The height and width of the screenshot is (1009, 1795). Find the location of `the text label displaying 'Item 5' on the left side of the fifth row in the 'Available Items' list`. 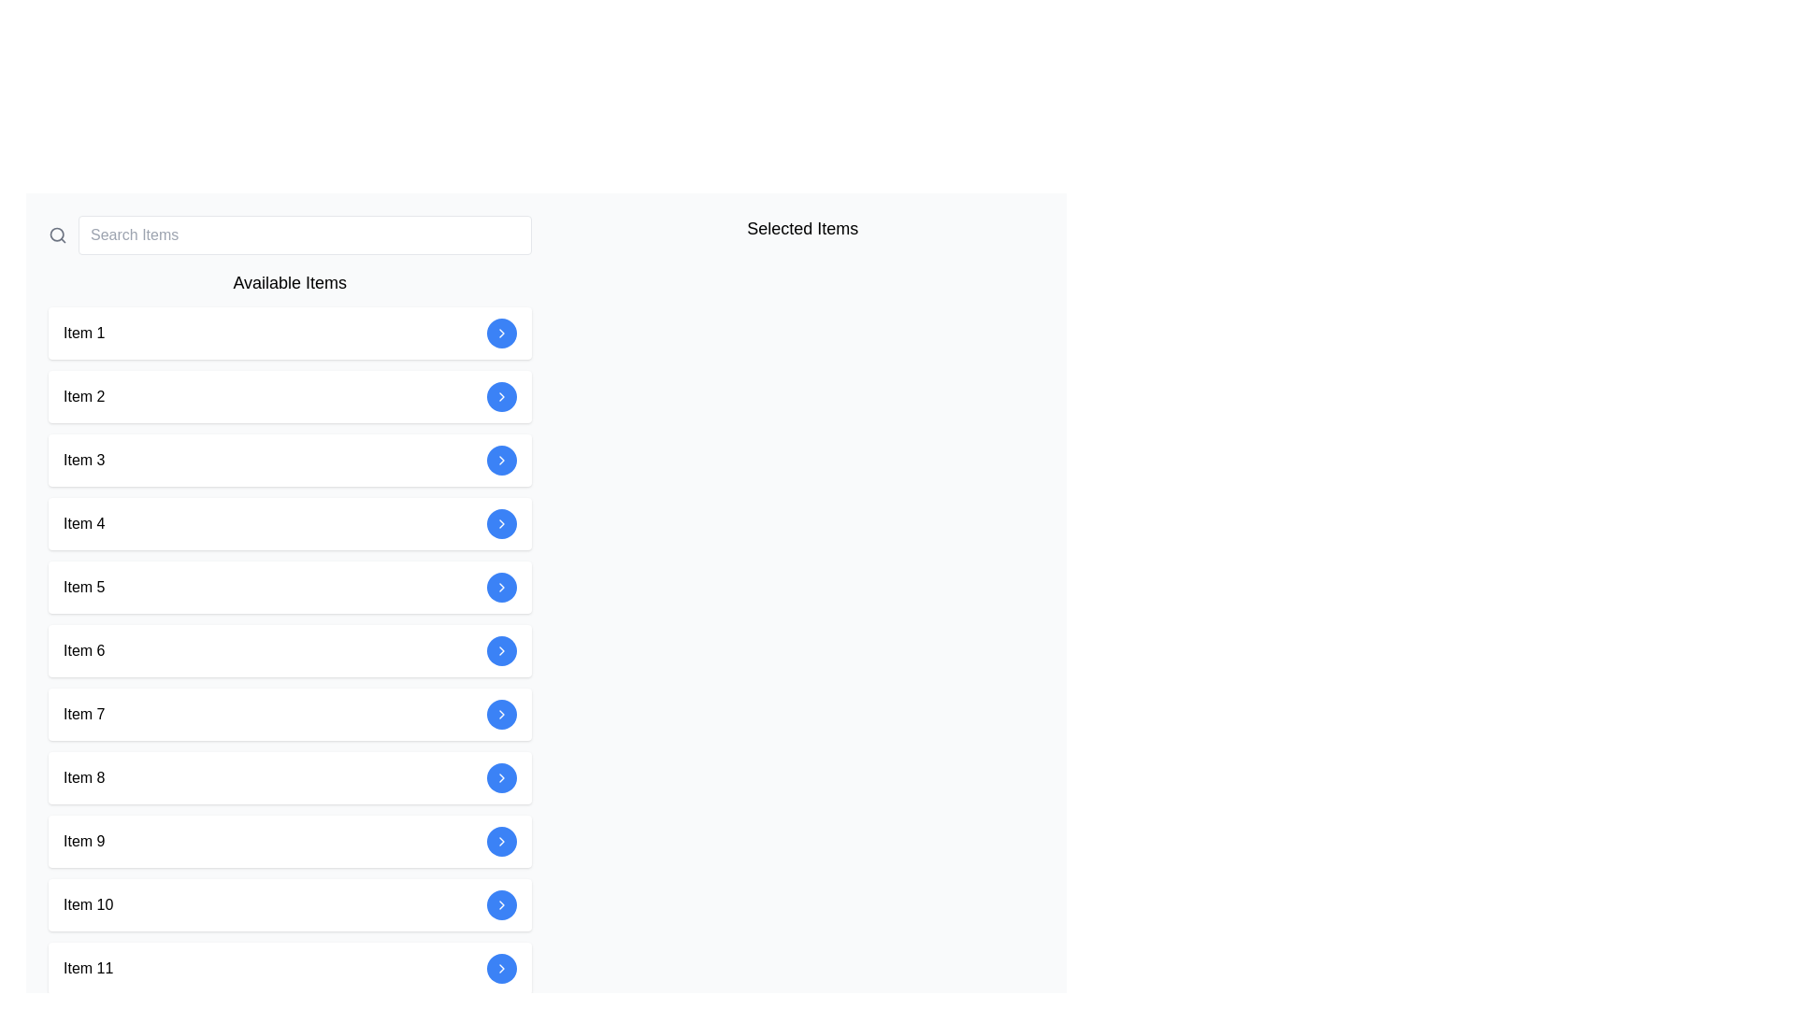

the text label displaying 'Item 5' on the left side of the fifth row in the 'Available Items' list is located at coordinates (83, 586).